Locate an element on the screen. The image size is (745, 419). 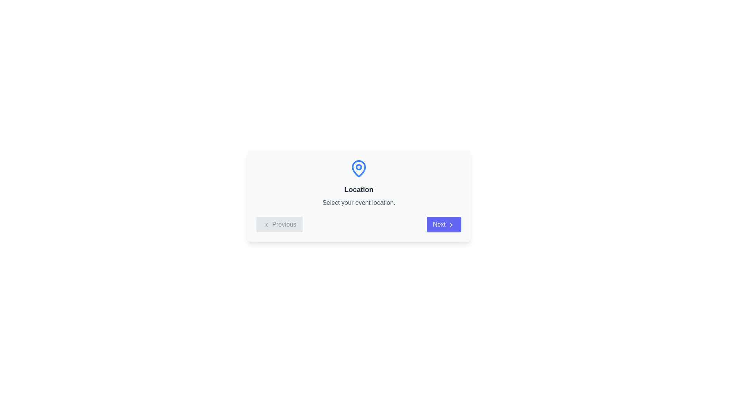
the 'Next' button to navigate to the next tab is located at coordinates (444, 224).